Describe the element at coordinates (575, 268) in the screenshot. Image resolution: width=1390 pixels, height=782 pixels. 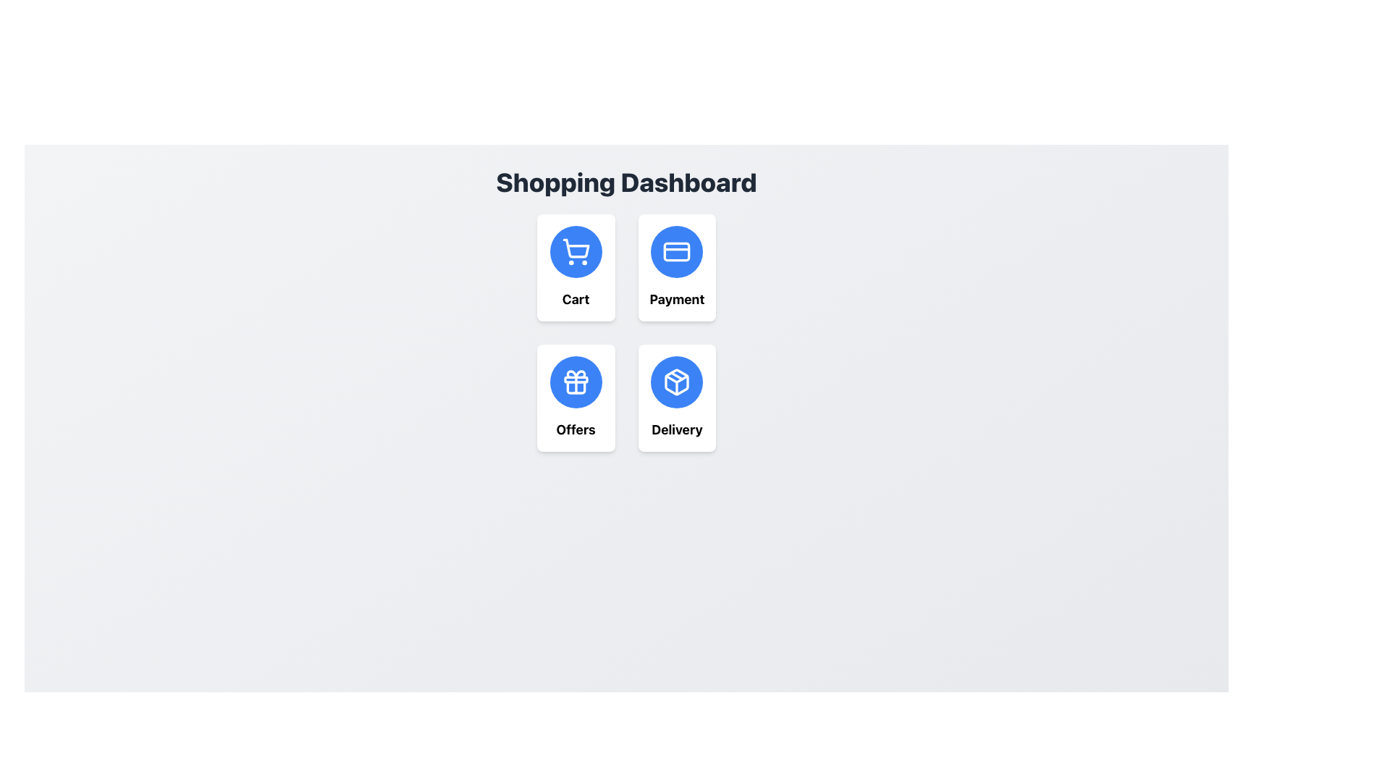
I see `the 'Cart' card component, which is the first card in the leftmost column of the shopping dashboard's card grid` at that location.